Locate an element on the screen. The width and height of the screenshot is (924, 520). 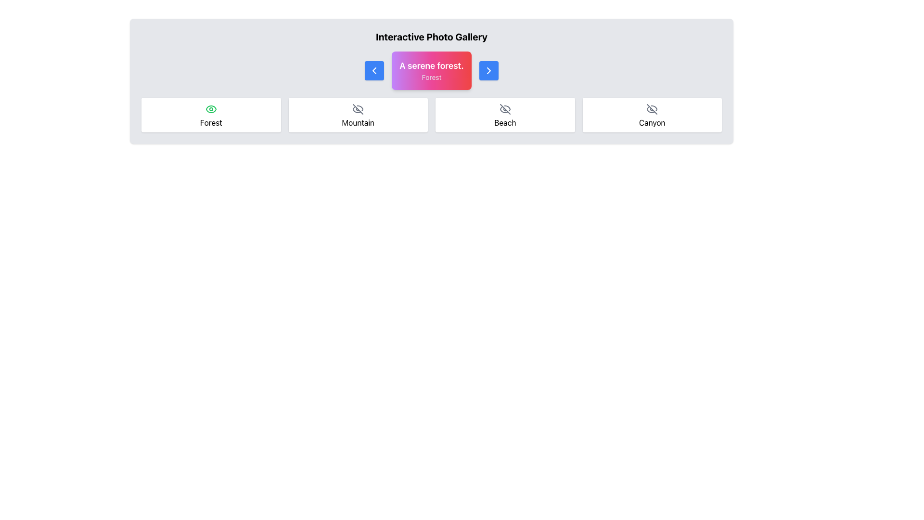
the Display card in the Interactive Photo Gallery section, which features a gradient background and contains the text 'A serene forest.' and 'Forest' is located at coordinates (431, 70).